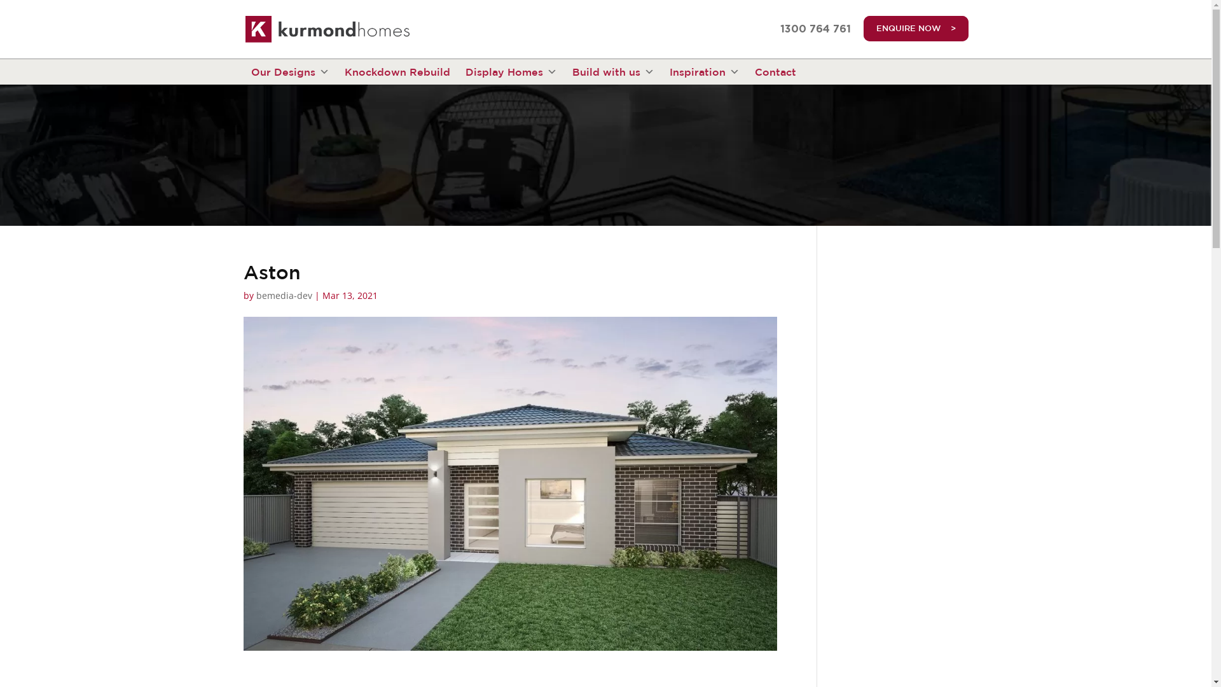  I want to click on 'bemedia-dev', so click(283, 295).